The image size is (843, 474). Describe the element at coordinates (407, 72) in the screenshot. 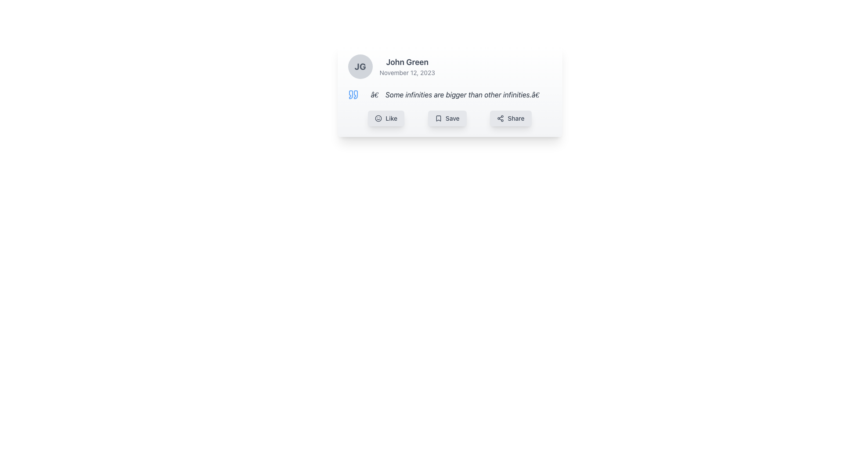

I see `displayed date from the text label positioned beneath the 'John Green' text in the card layout` at that location.